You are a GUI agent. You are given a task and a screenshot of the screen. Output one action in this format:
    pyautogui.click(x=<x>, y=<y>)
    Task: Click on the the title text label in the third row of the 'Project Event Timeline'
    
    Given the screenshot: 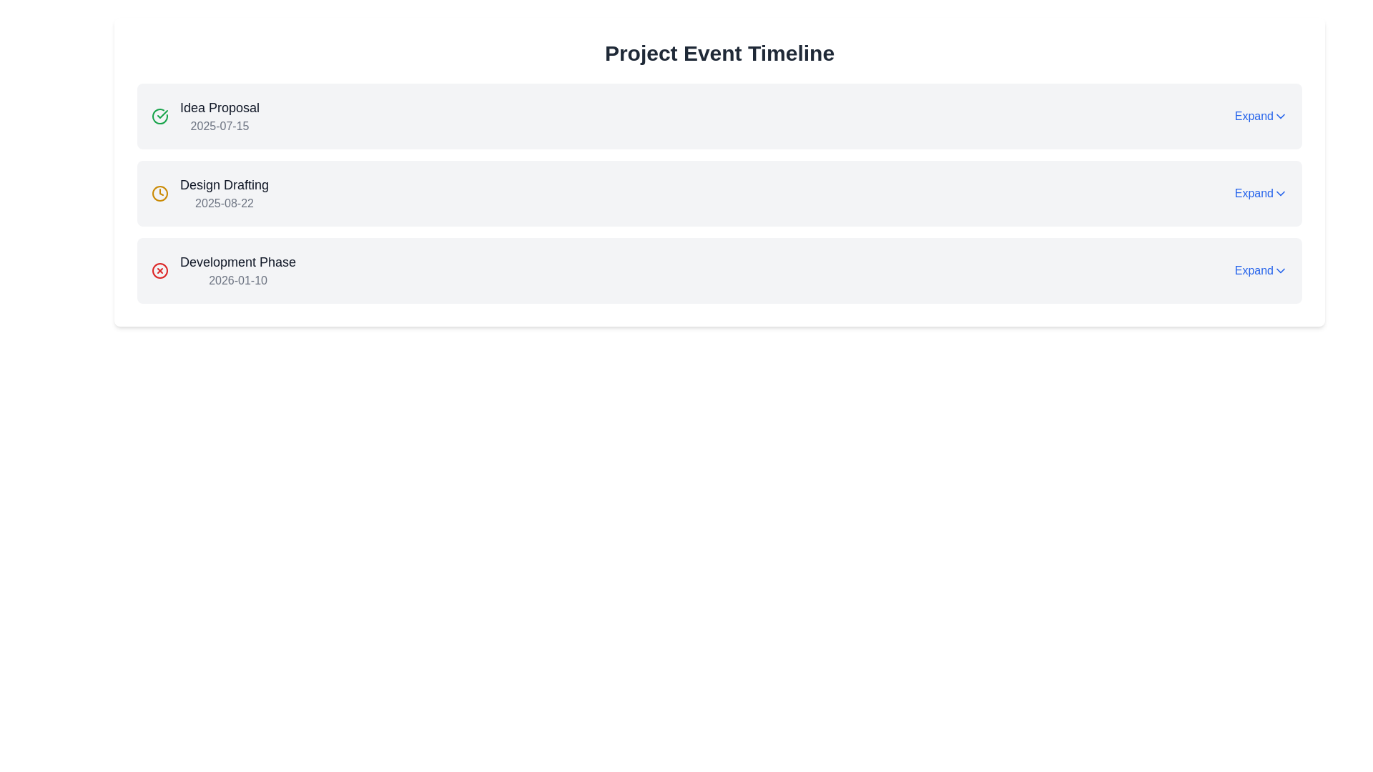 What is the action you would take?
    pyautogui.click(x=238, y=262)
    